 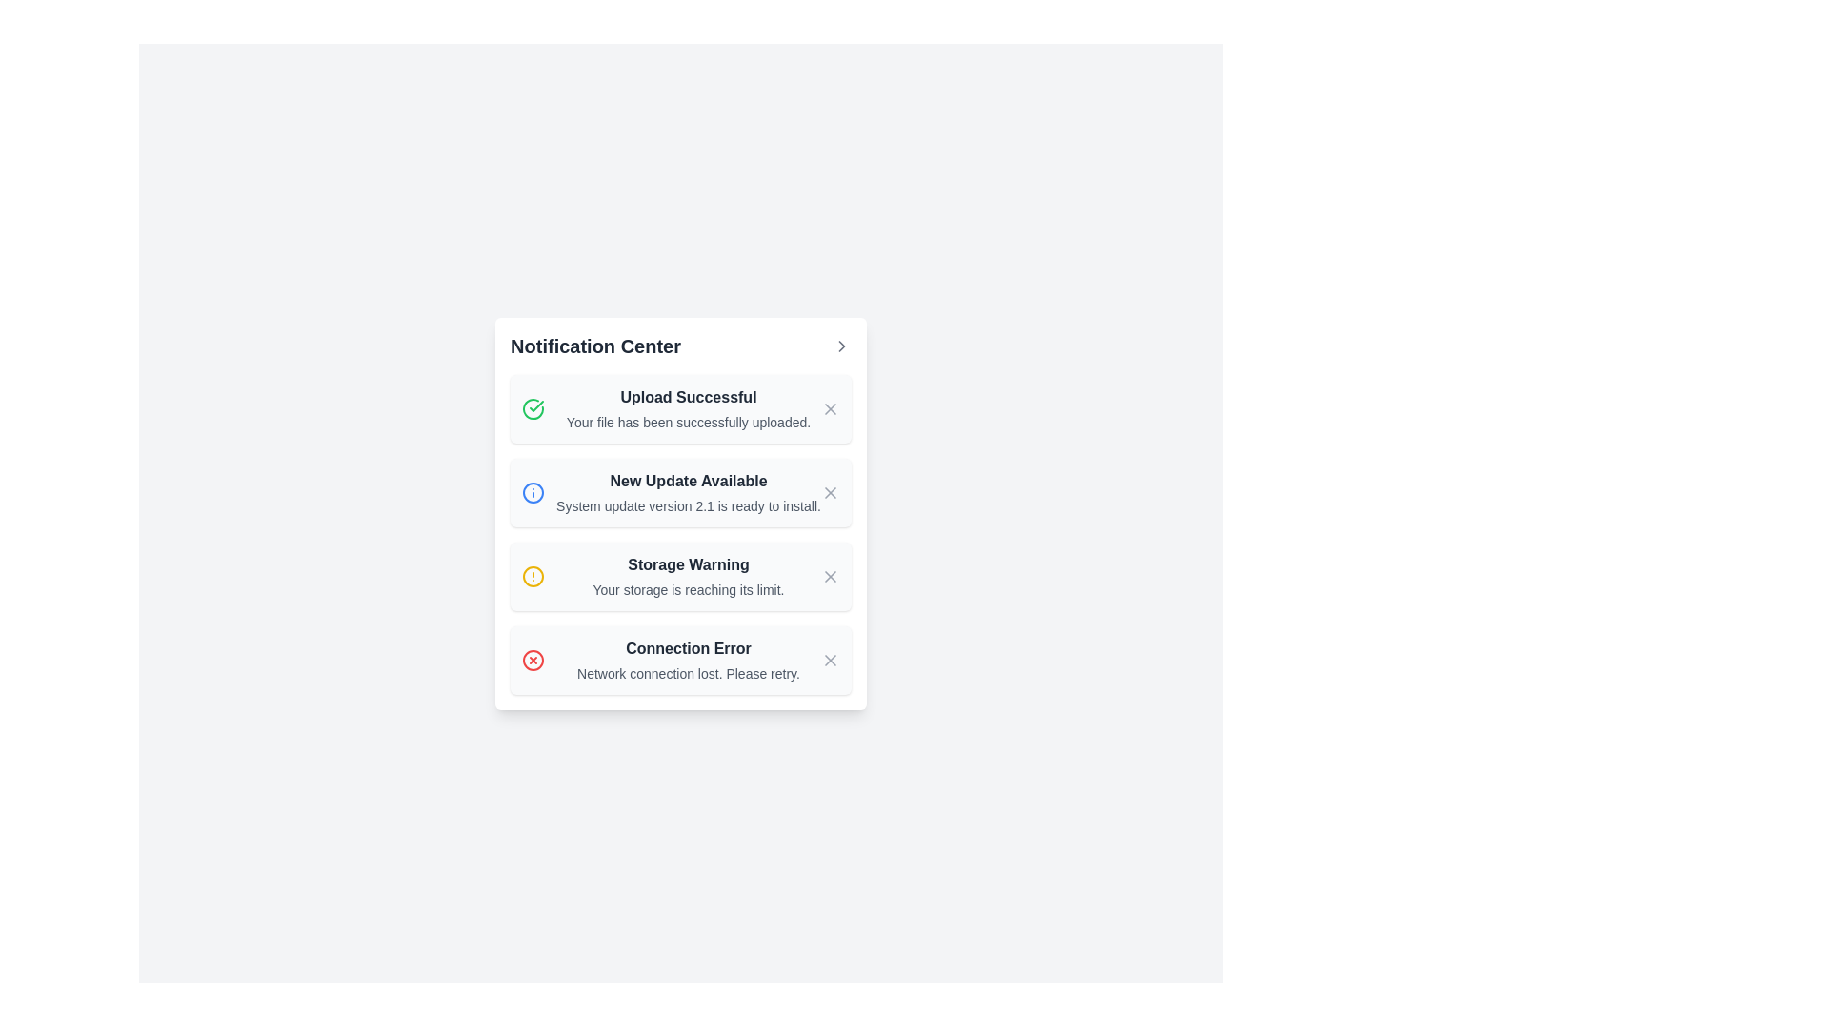 I want to click on the informational icon indicating a new update available, located to the left of the 'New Update Available' title in the second notification of the Notification Center, so click(x=533, y=491).